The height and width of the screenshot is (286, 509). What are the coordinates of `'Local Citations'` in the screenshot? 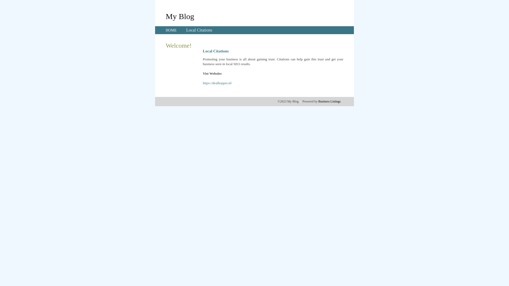 It's located at (186, 30).